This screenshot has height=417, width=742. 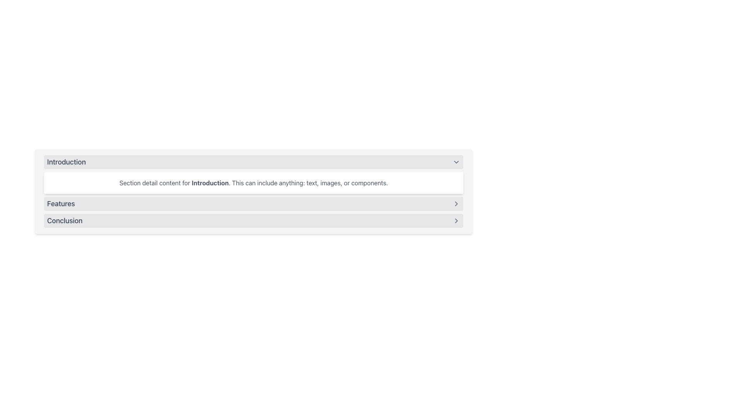 What do you see at coordinates (456, 203) in the screenshot?
I see `the right-facing chevron arrow icon located to the right of the 'Features' section title` at bounding box center [456, 203].